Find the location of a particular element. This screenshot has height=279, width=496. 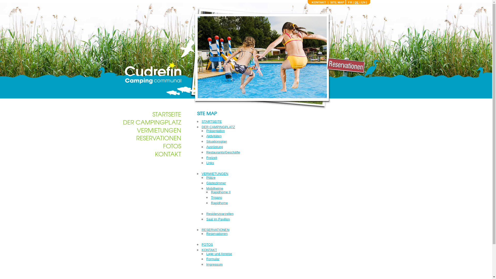

'Trigano' is located at coordinates (216, 197).